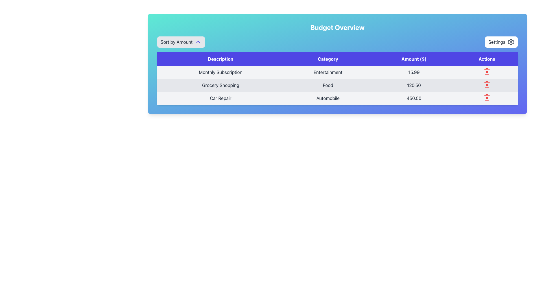  Describe the element at coordinates (414, 85) in the screenshot. I see `the text display showing the expense amount for 'Grocery Shopping' in the 'Amount ($)' column of the table` at that location.